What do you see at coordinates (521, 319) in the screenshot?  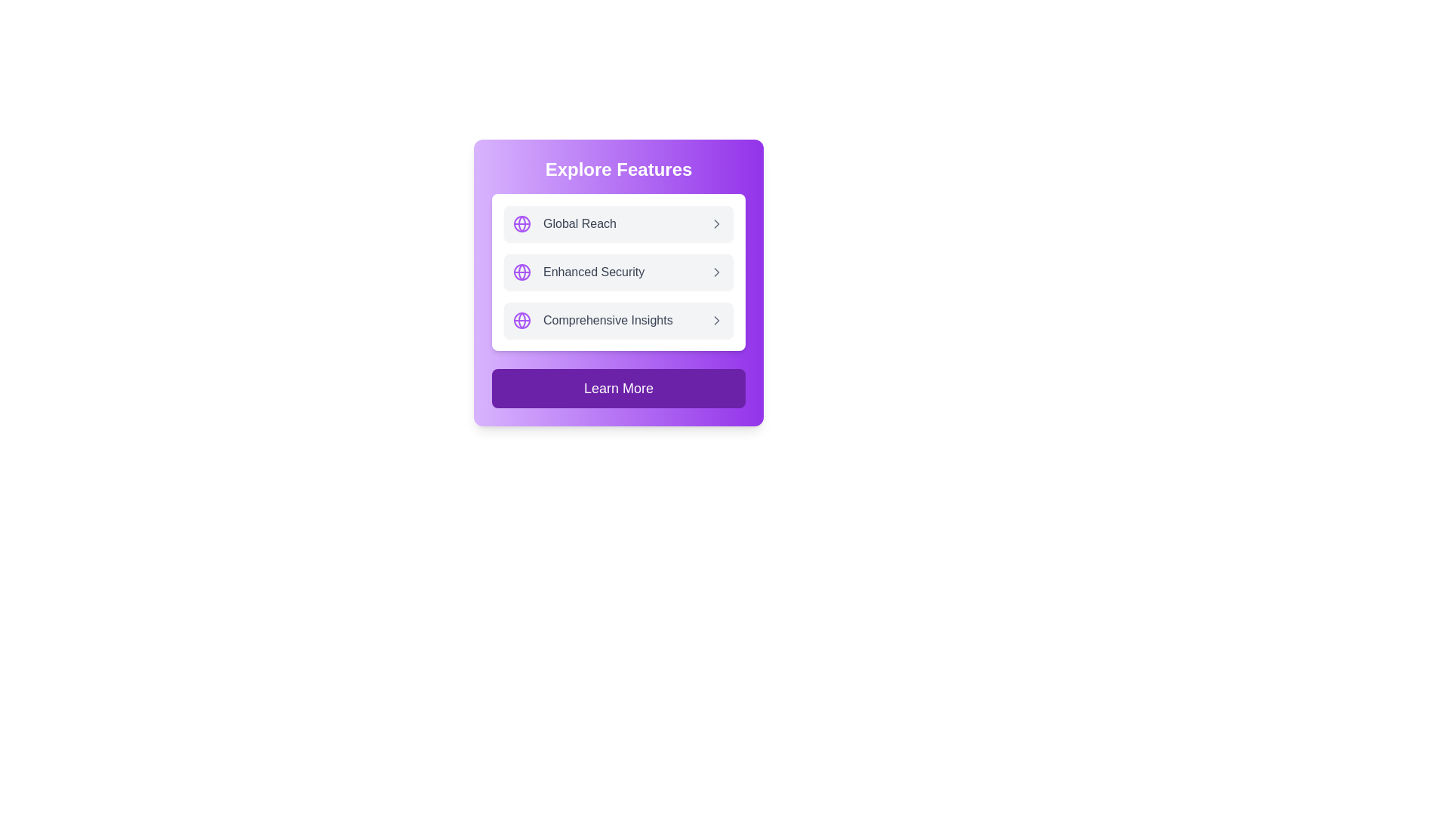 I see `the global coverage icon representing the 'Comprehensive Insights' feature by moving the cursor to its center point` at bounding box center [521, 319].